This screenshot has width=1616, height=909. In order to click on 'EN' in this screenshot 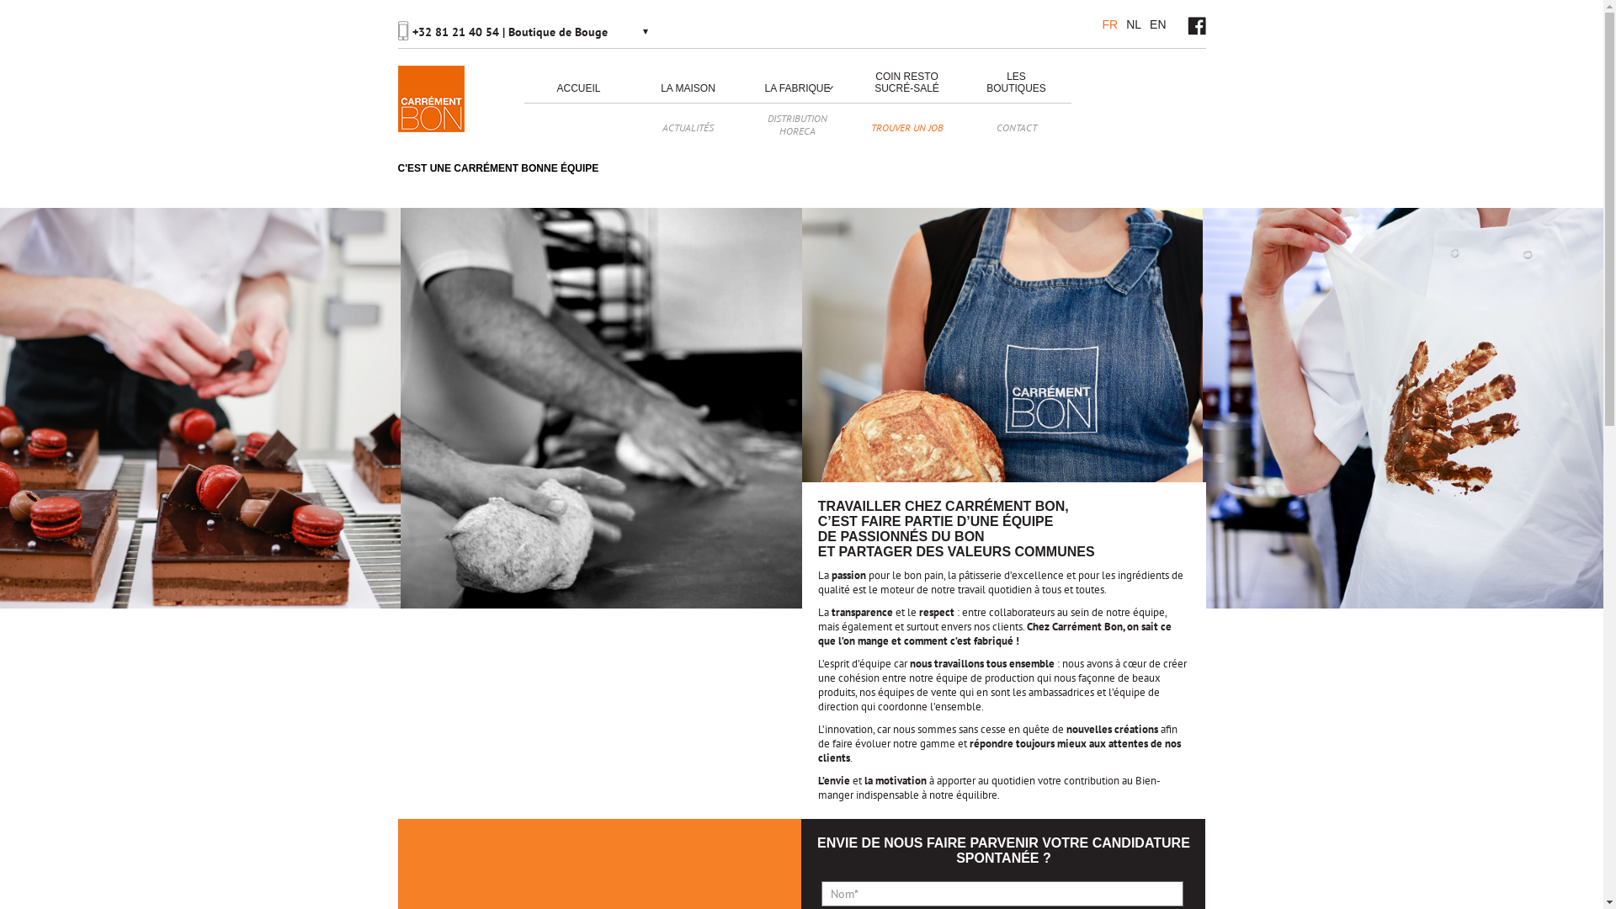, I will do `click(1145, 24)`.